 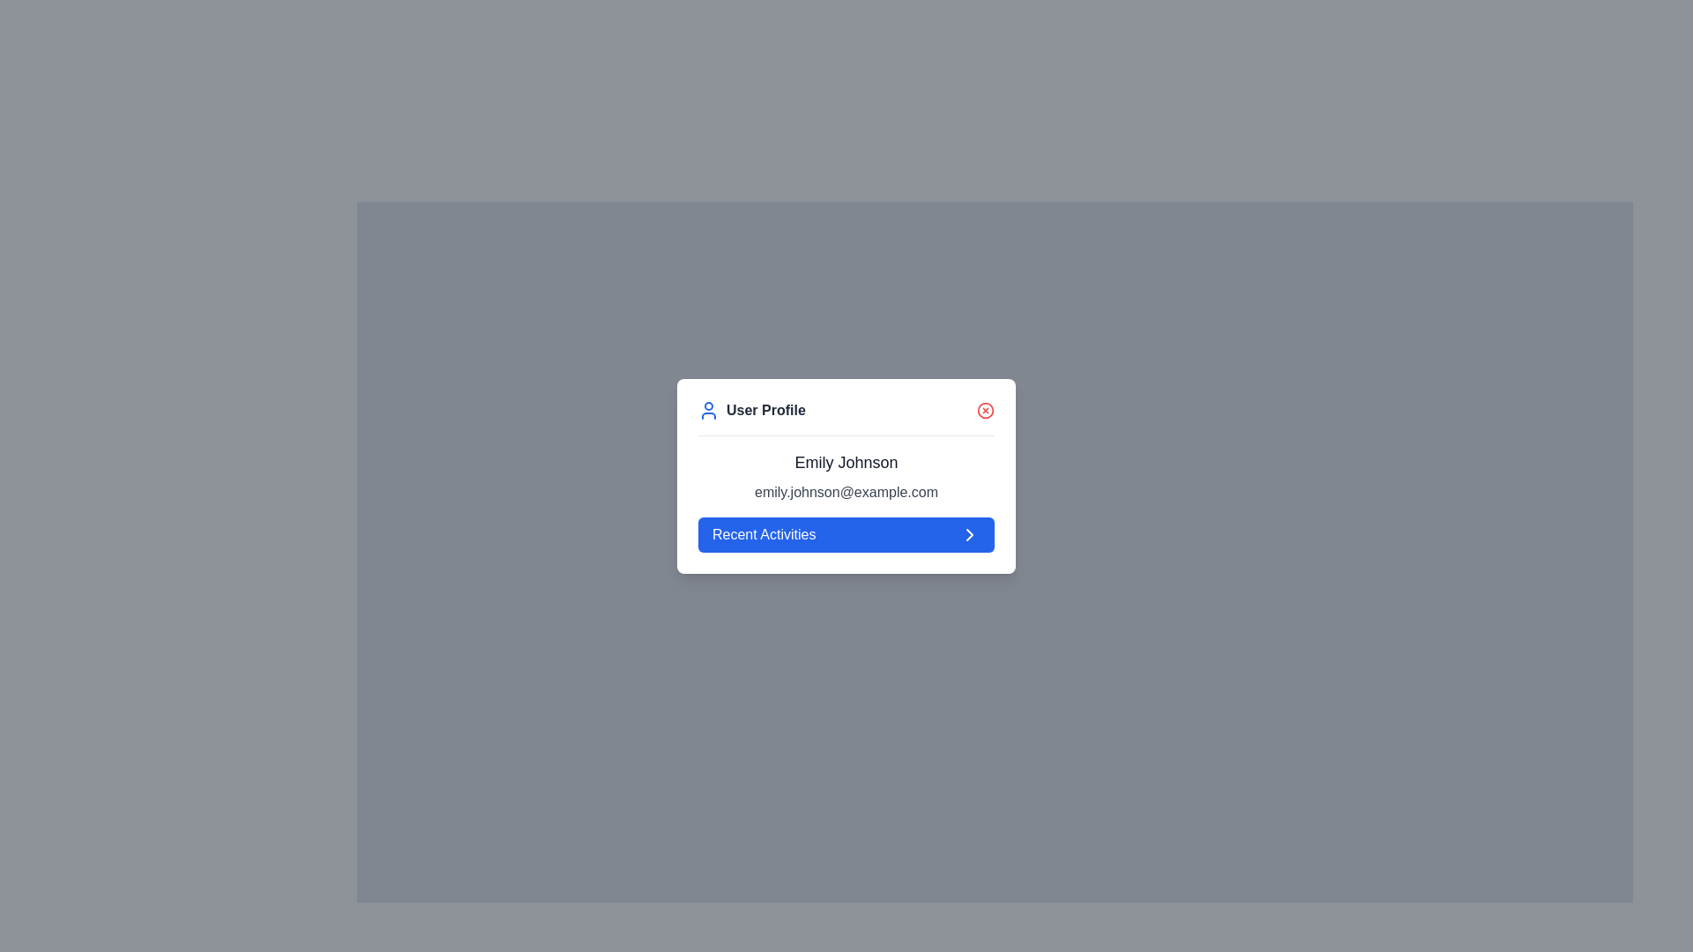 I want to click on the text label displaying 'Emily Johnson', which is bold and dark gray, positioned above the email address 'emily.johnson@example.com', so click(x=846, y=461).